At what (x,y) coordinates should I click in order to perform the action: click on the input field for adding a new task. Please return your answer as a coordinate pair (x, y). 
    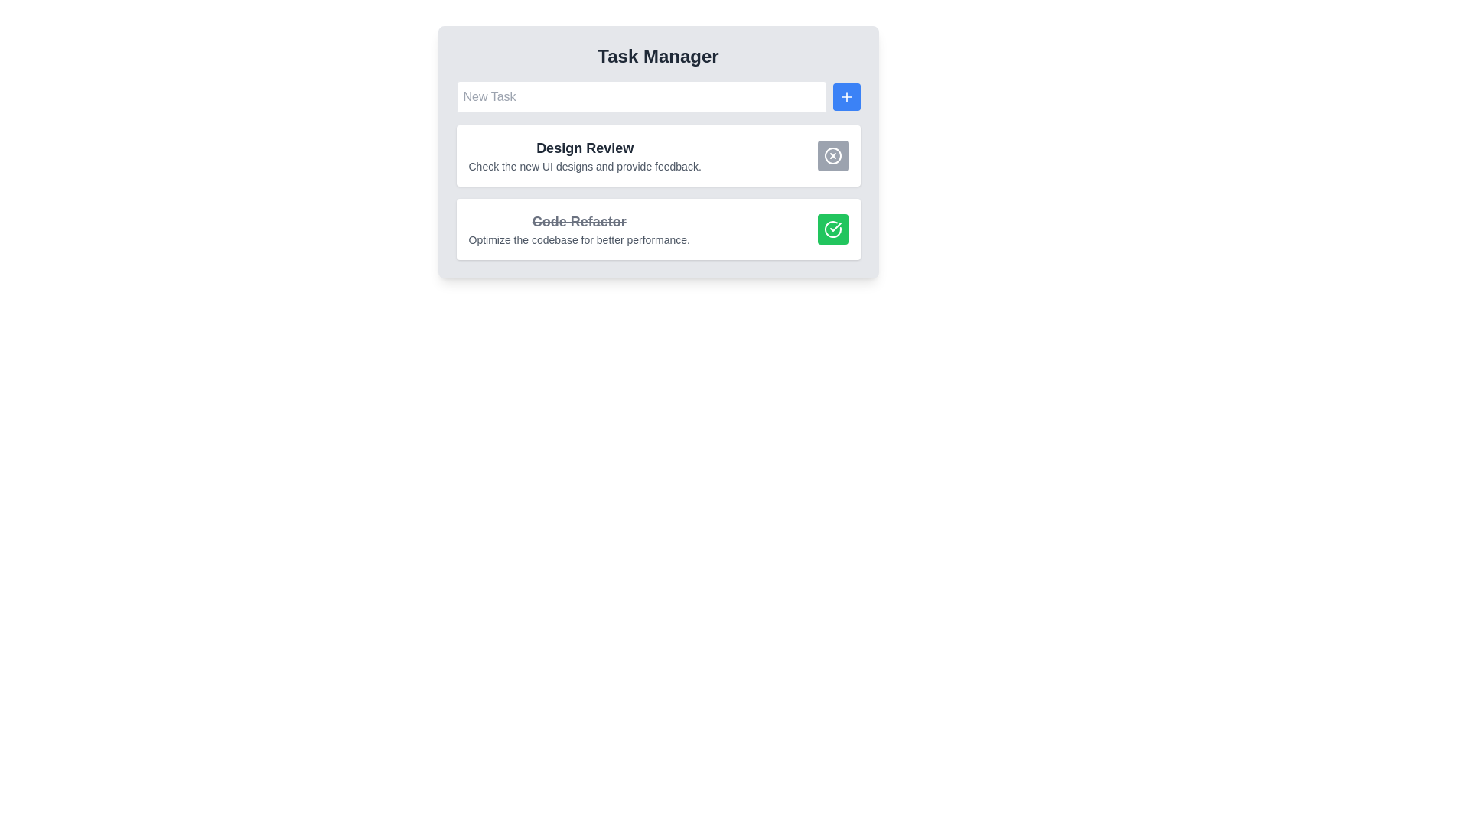
    Looking at the image, I should click on (658, 97).